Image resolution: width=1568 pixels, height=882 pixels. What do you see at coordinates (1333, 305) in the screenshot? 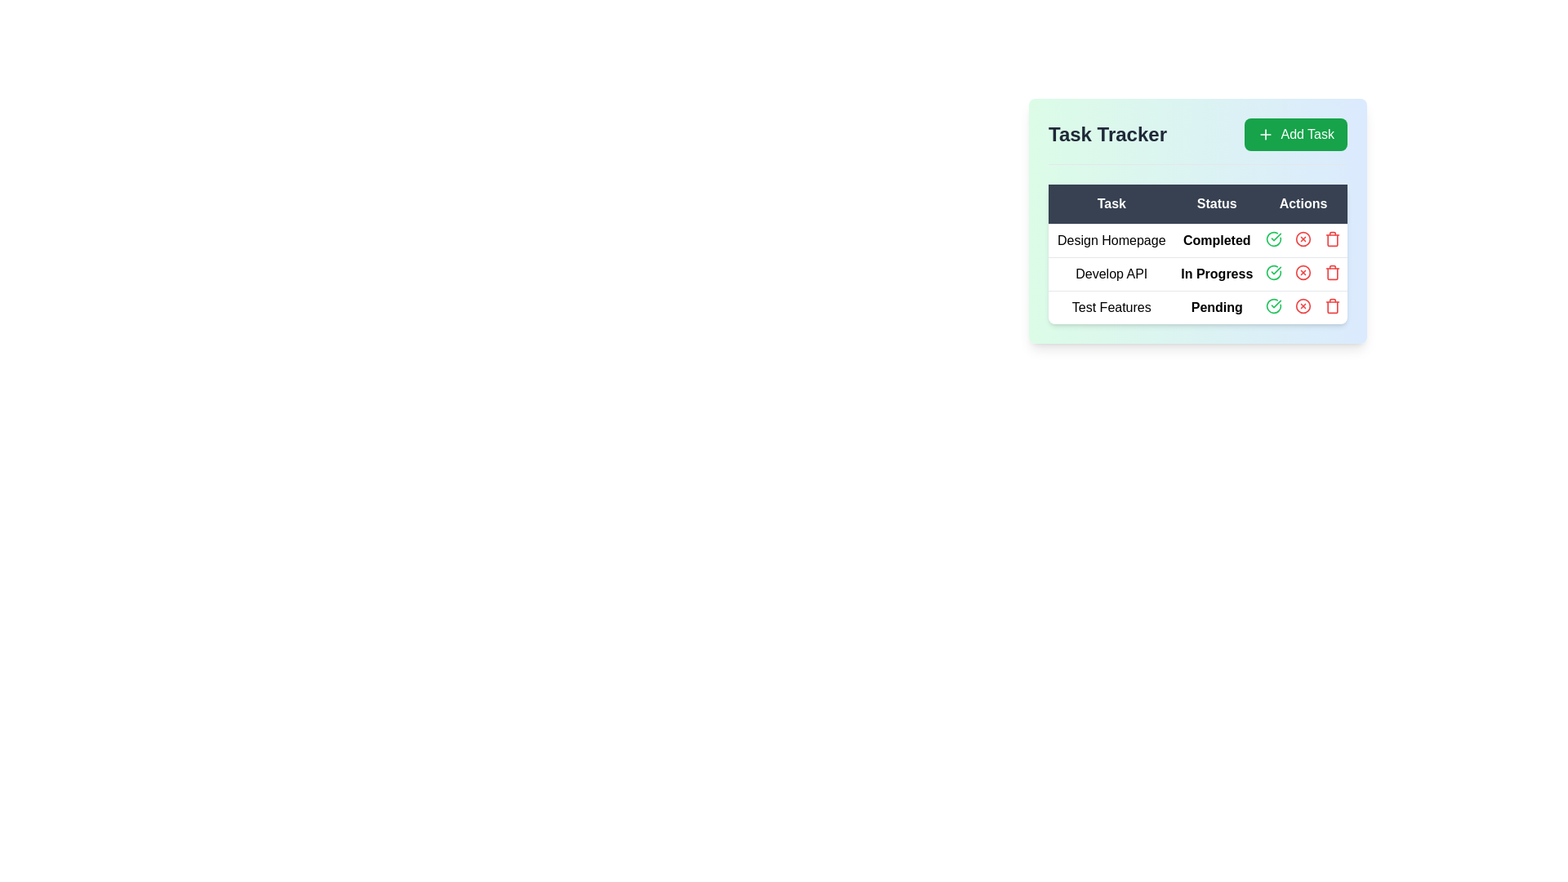
I see `the red trash bin icon-button located in the 'Actions' column of the third row to initiate task deletion for the 'Test Features' task` at bounding box center [1333, 305].